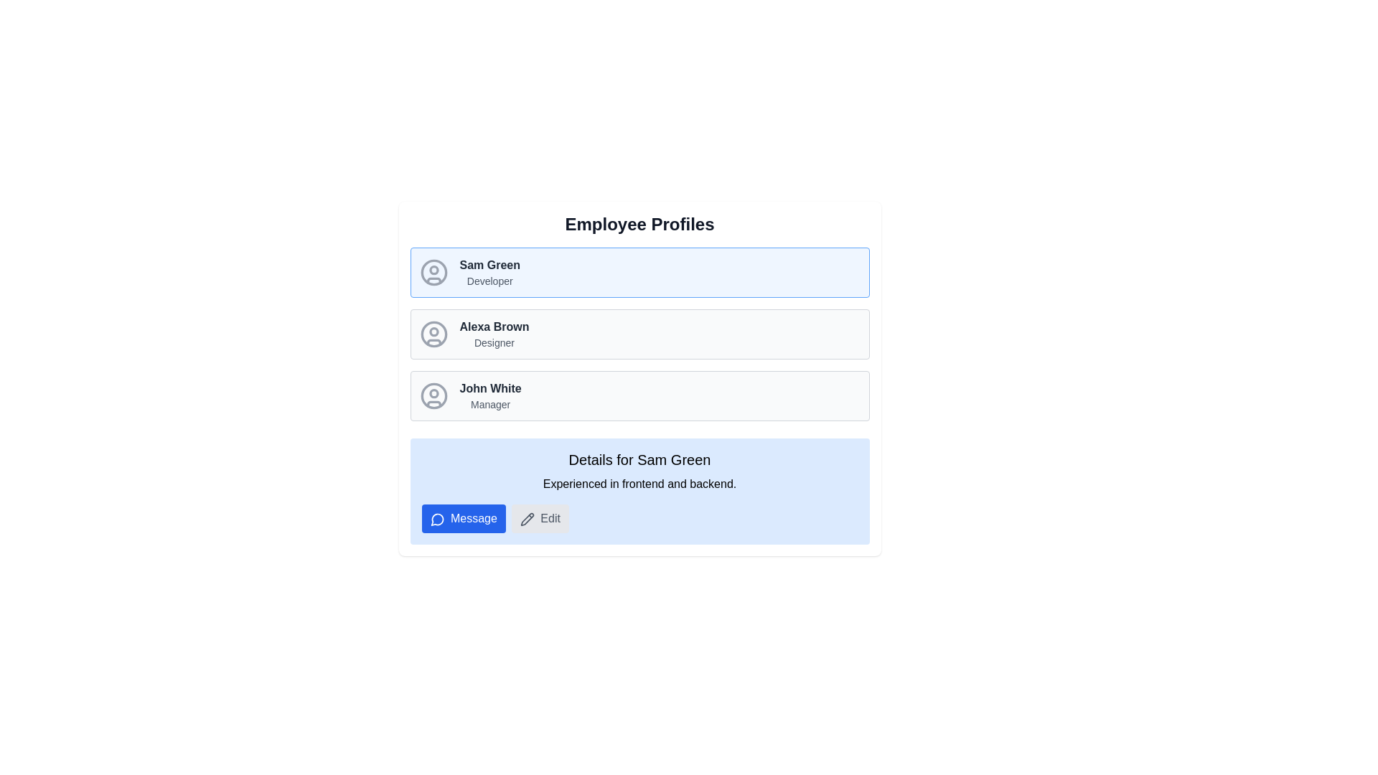  Describe the element at coordinates (433, 281) in the screenshot. I see `the stylized profile icon representing 'Sam Green' in the user profile interface` at that location.